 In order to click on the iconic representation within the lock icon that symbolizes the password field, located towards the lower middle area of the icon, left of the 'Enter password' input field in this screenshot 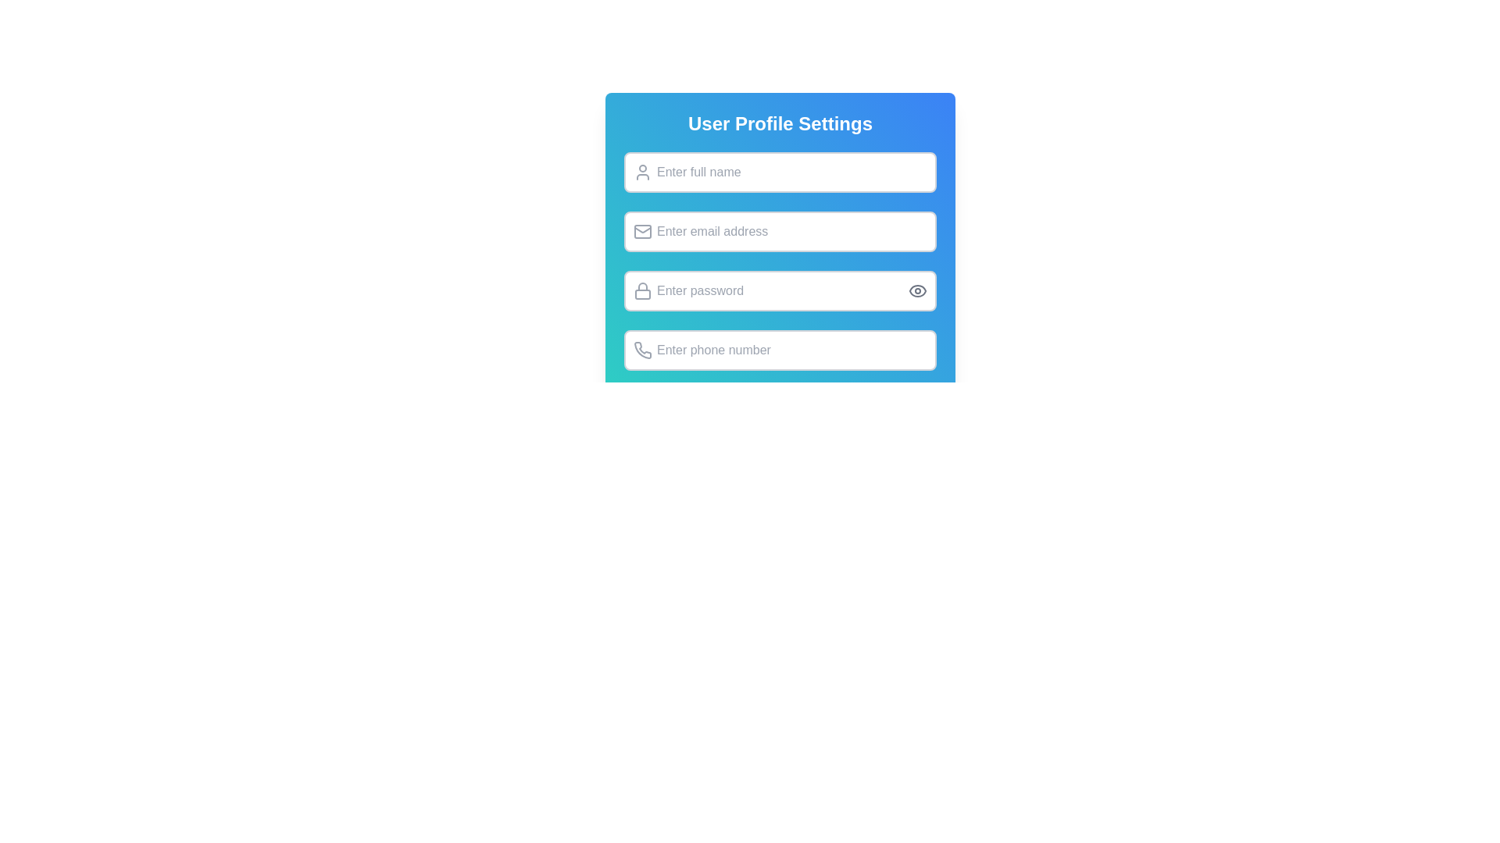, I will do `click(642, 294)`.